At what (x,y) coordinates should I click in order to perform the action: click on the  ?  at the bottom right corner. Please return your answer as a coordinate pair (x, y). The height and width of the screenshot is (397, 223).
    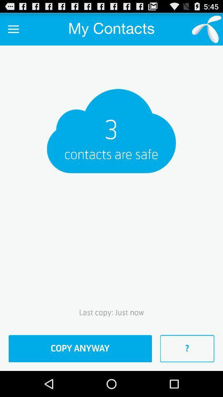
    Looking at the image, I should click on (187, 348).